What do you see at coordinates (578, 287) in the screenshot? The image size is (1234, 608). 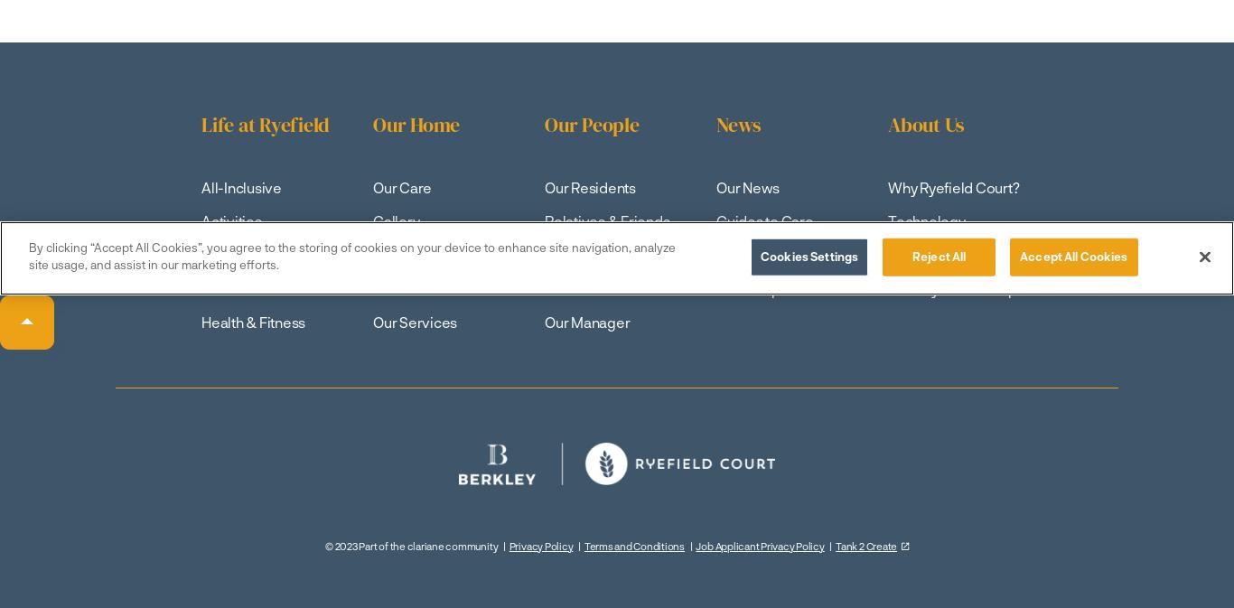 I see `'Our Teams'` at bounding box center [578, 287].